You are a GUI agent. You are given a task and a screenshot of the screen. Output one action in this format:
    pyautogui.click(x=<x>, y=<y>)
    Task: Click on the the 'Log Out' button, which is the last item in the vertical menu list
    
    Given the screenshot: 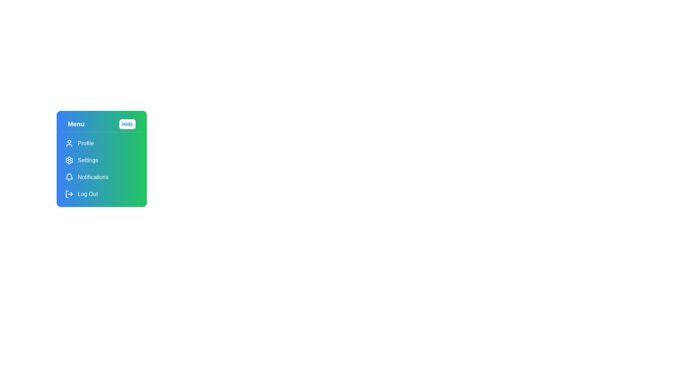 What is the action you would take?
    pyautogui.click(x=101, y=194)
    